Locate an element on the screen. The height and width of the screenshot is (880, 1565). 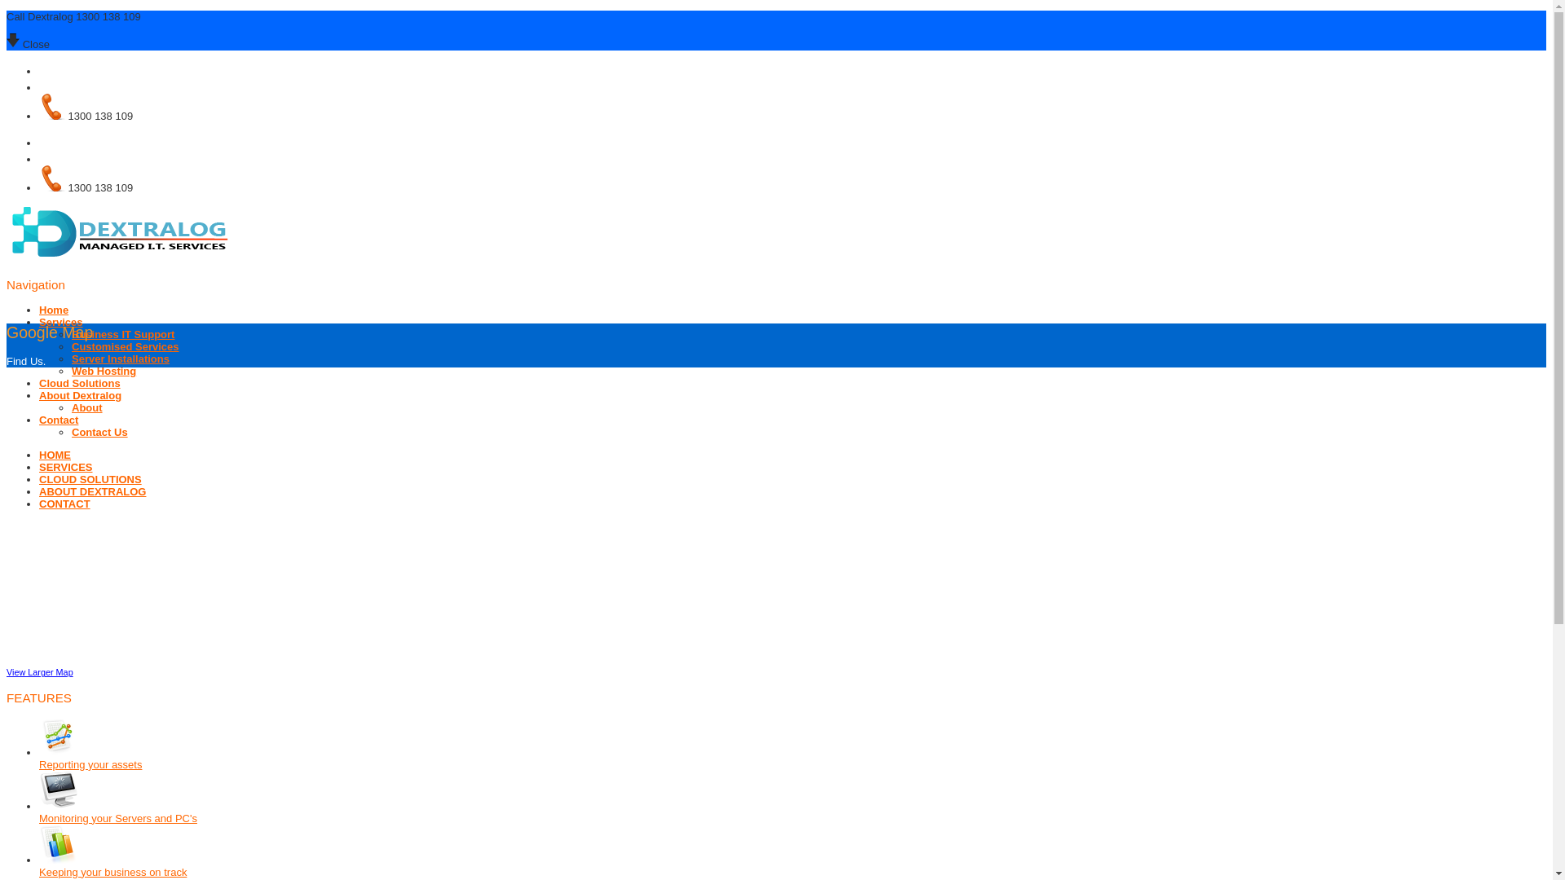
'View Larger Map' is located at coordinates (39, 672).